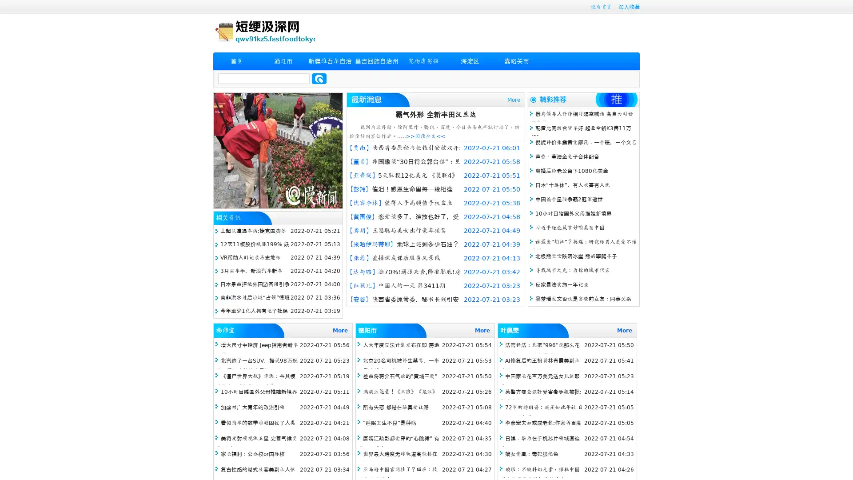 Image resolution: width=853 pixels, height=480 pixels. Describe the element at coordinates (319, 78) in the screenshot. I see `Search` at that location.